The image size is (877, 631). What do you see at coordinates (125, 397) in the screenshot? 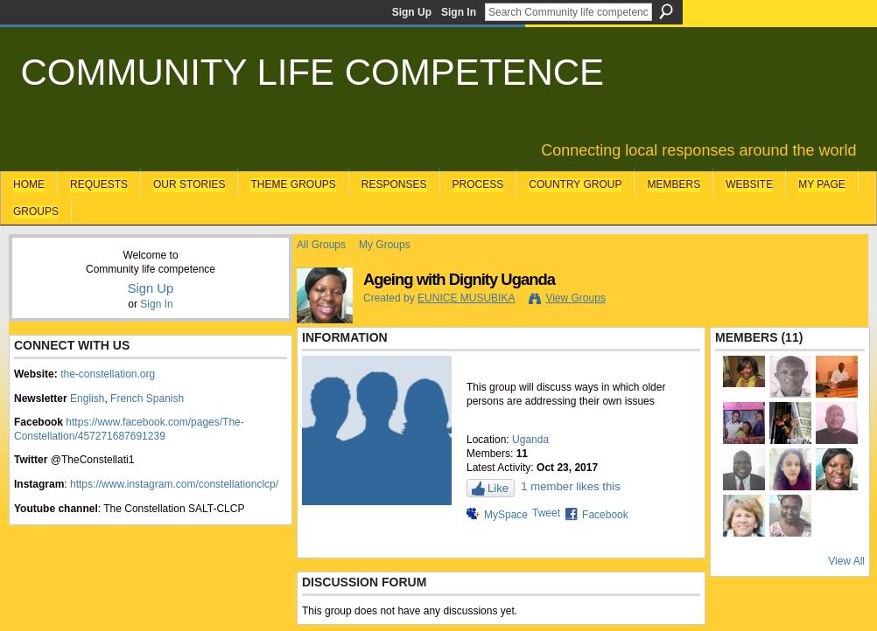
I see `'French'` at bounding box center [125, 397].